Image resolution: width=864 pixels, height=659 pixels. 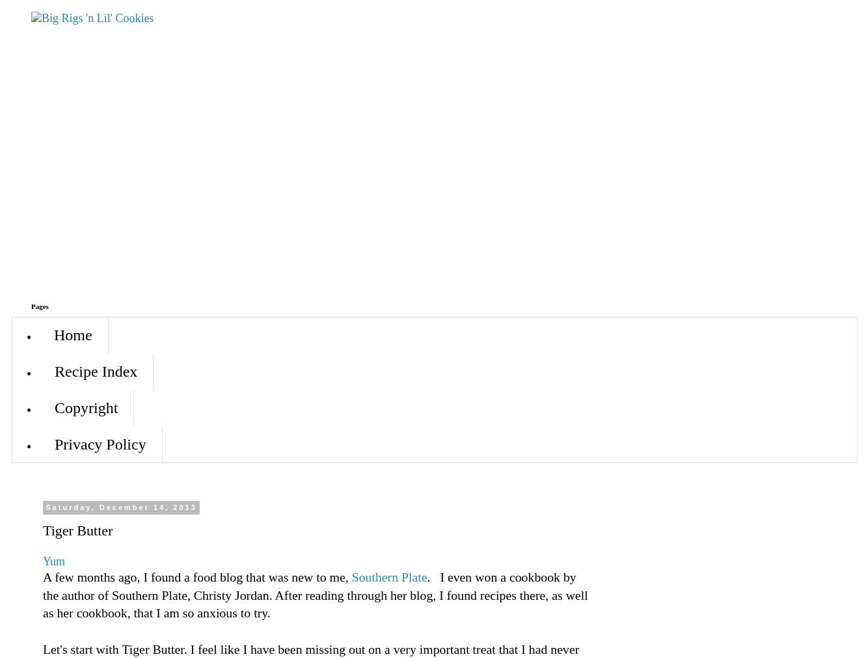 What do you see at coordinates (54, 560) in the screenshot?
I see `'Yum'` at bounding box center [54, 560].